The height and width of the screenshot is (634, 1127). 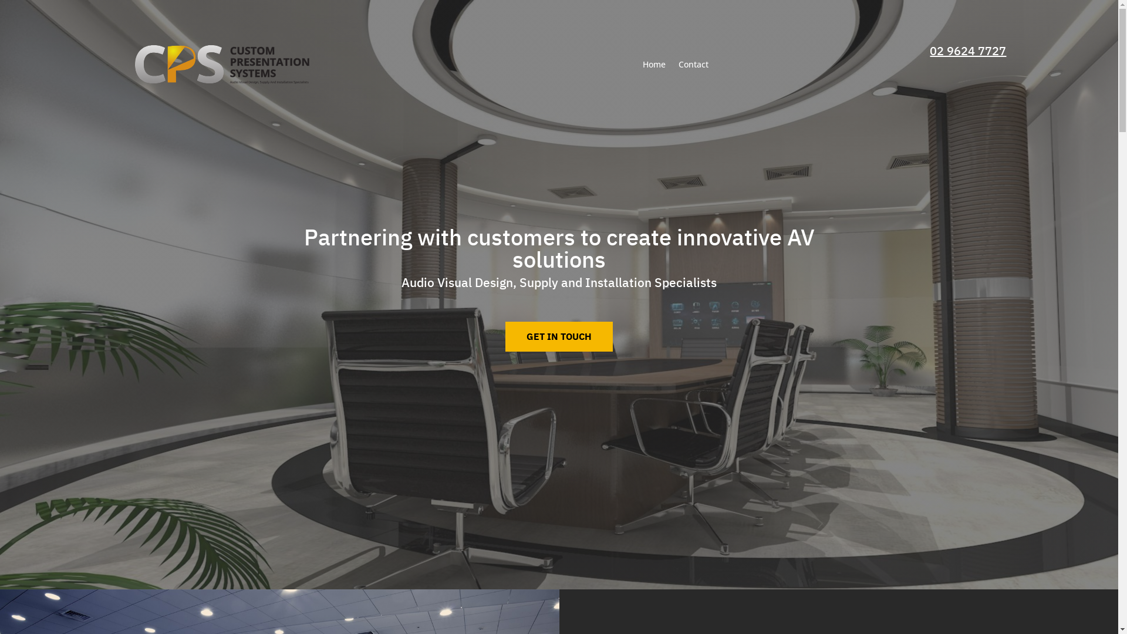 I want to click on 'Contact', so click(x=679, y=64).